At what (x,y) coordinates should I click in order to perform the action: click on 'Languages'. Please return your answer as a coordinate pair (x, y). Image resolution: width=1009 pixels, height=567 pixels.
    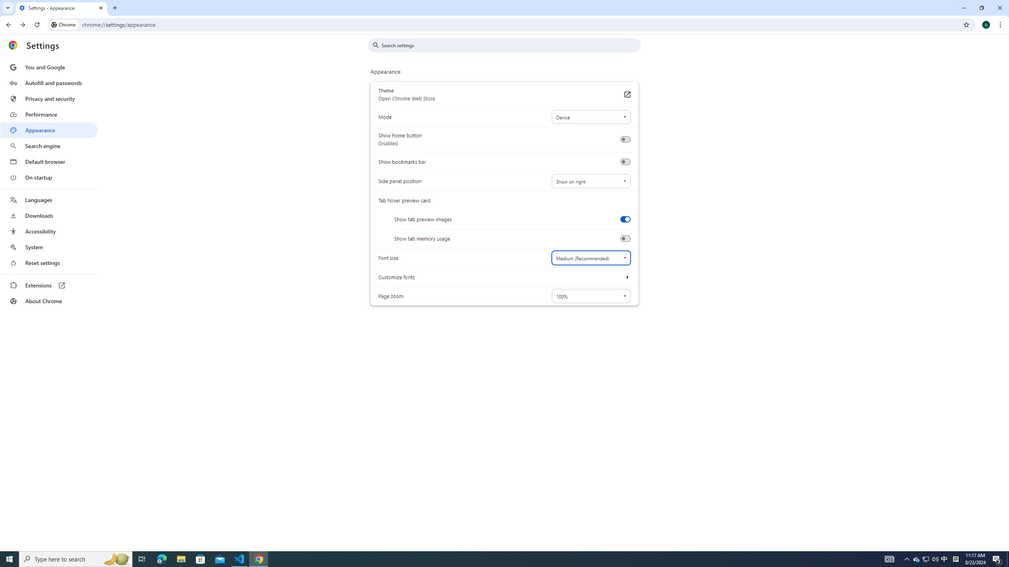
    Looking at the image, I should click on (48, 200).